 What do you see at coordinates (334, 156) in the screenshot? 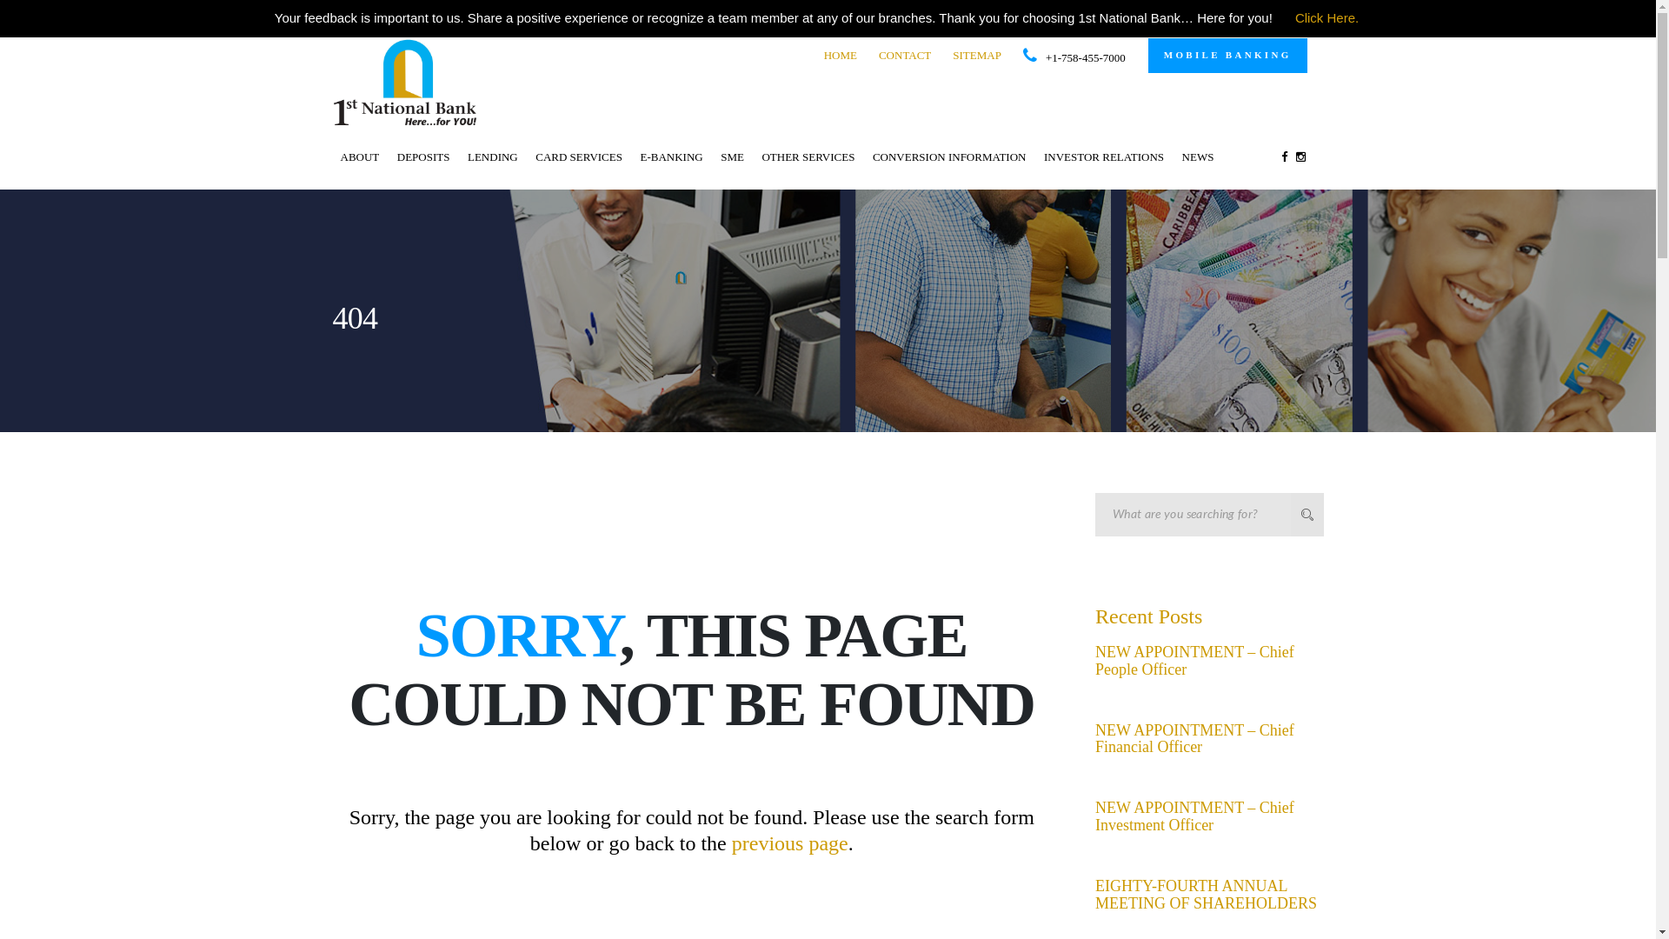
I see `'ABOUT'` at bounding box center [334, 156].